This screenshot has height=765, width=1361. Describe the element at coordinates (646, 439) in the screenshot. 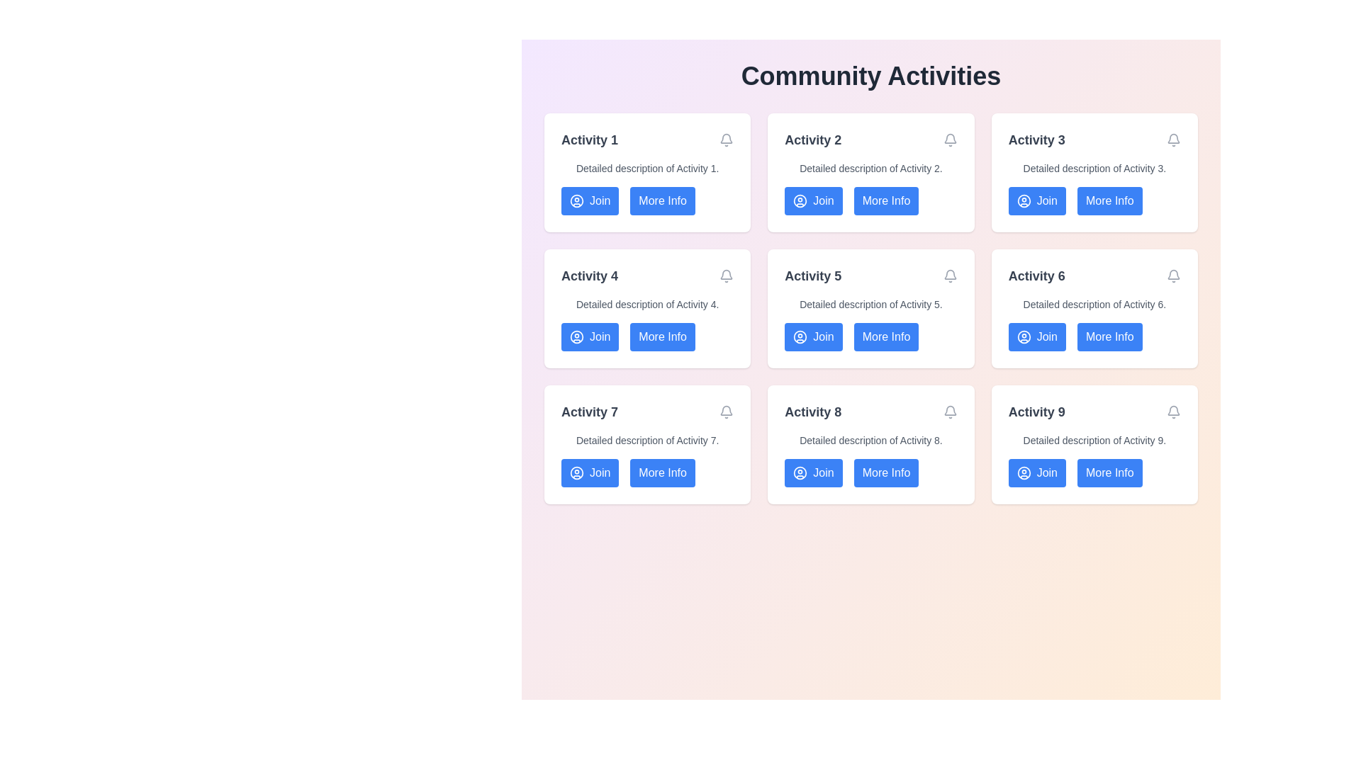

I see `the static text element displaying 'Detailed description of Activity 7.' which is located under the title 'Activity 7' within the white card` at that location.